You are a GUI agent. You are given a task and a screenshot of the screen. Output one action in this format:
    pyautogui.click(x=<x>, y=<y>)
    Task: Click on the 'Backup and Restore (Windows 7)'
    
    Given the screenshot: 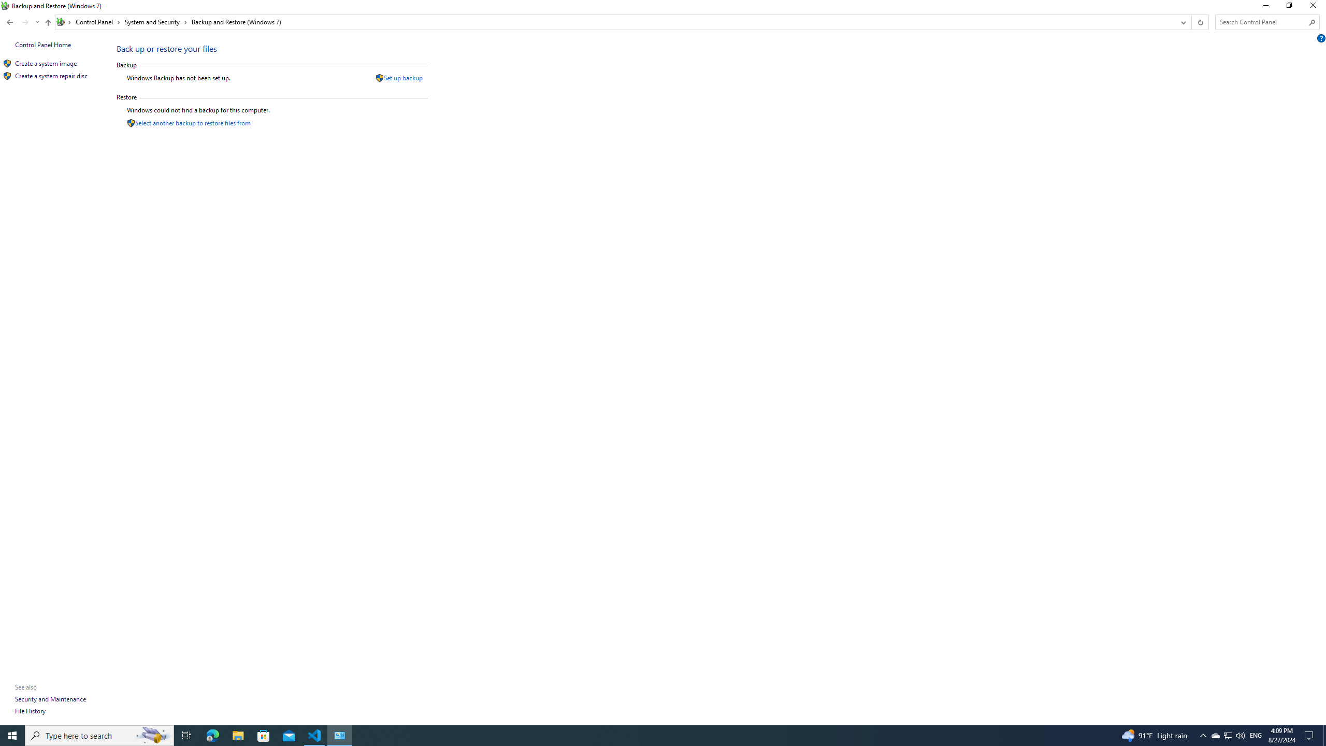 What is the action you would take?
    pyautogui.click(x=236, y=22)
    